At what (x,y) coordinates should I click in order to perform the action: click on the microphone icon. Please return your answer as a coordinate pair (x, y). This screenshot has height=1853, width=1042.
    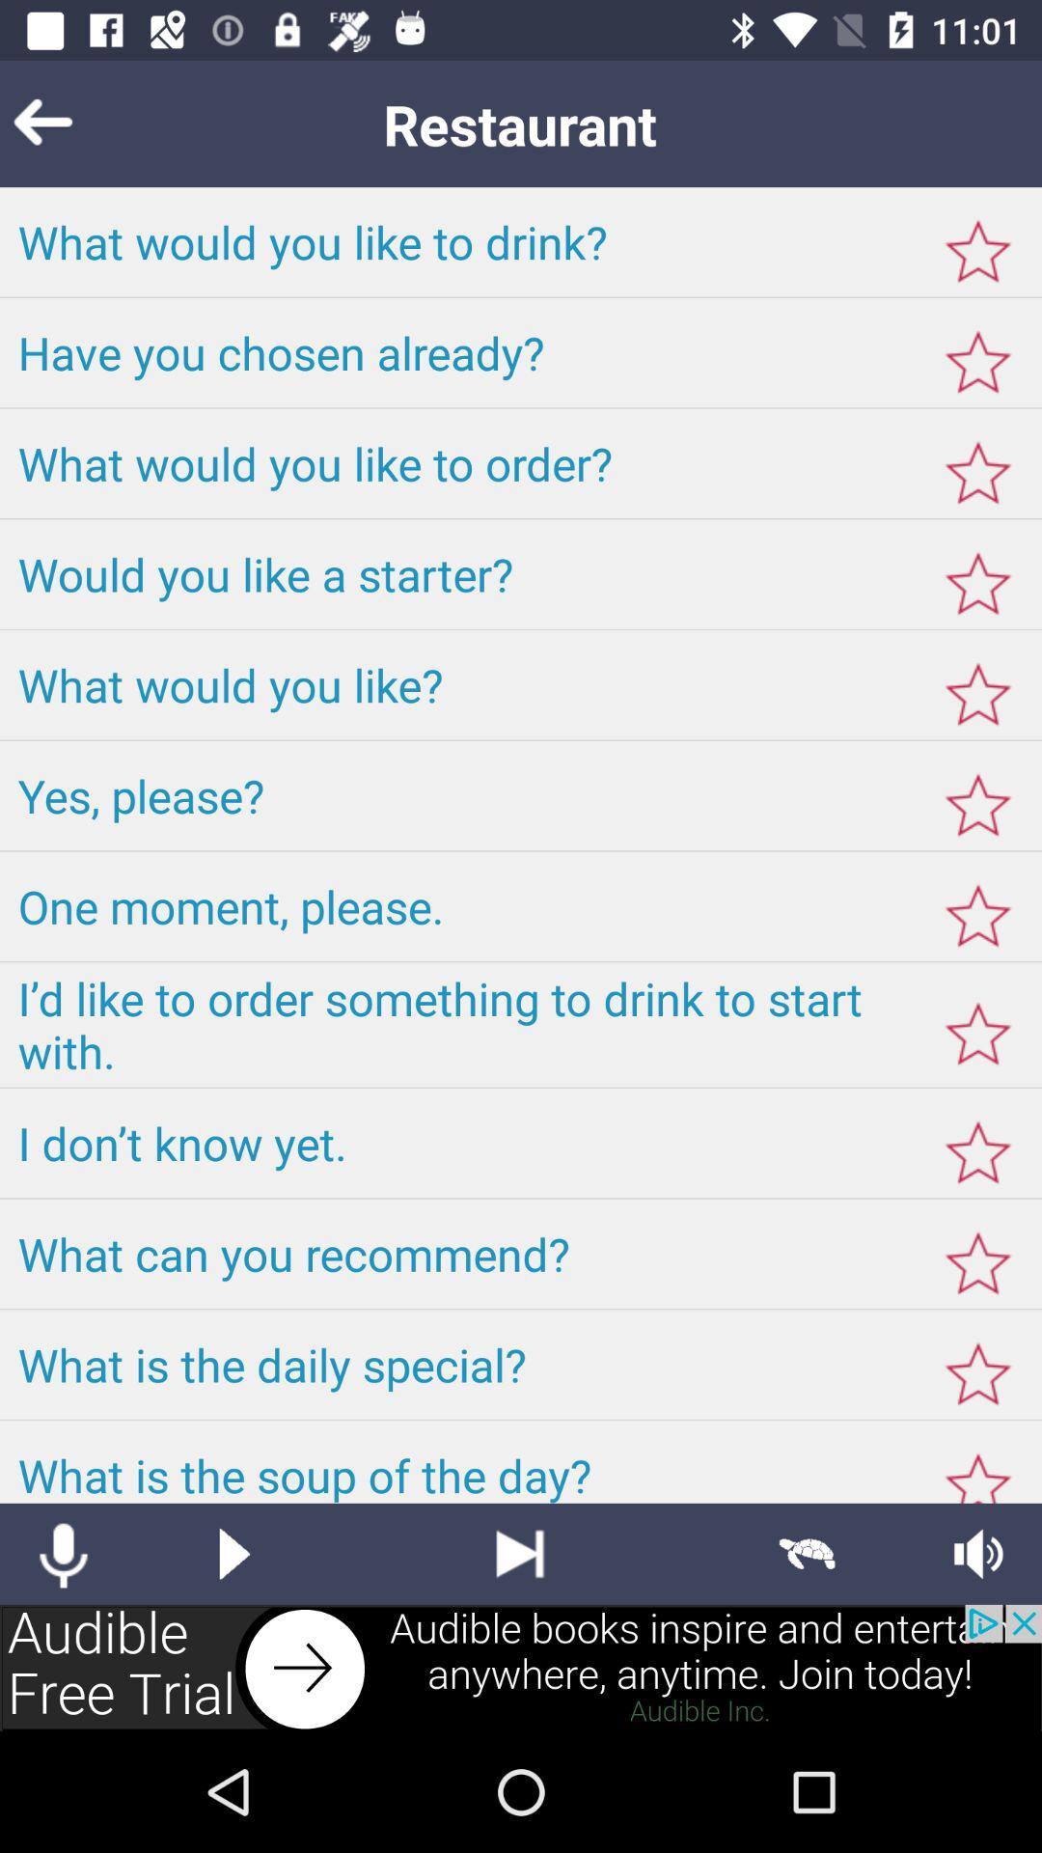
    Looking at the image, I should click on (62, 1554).